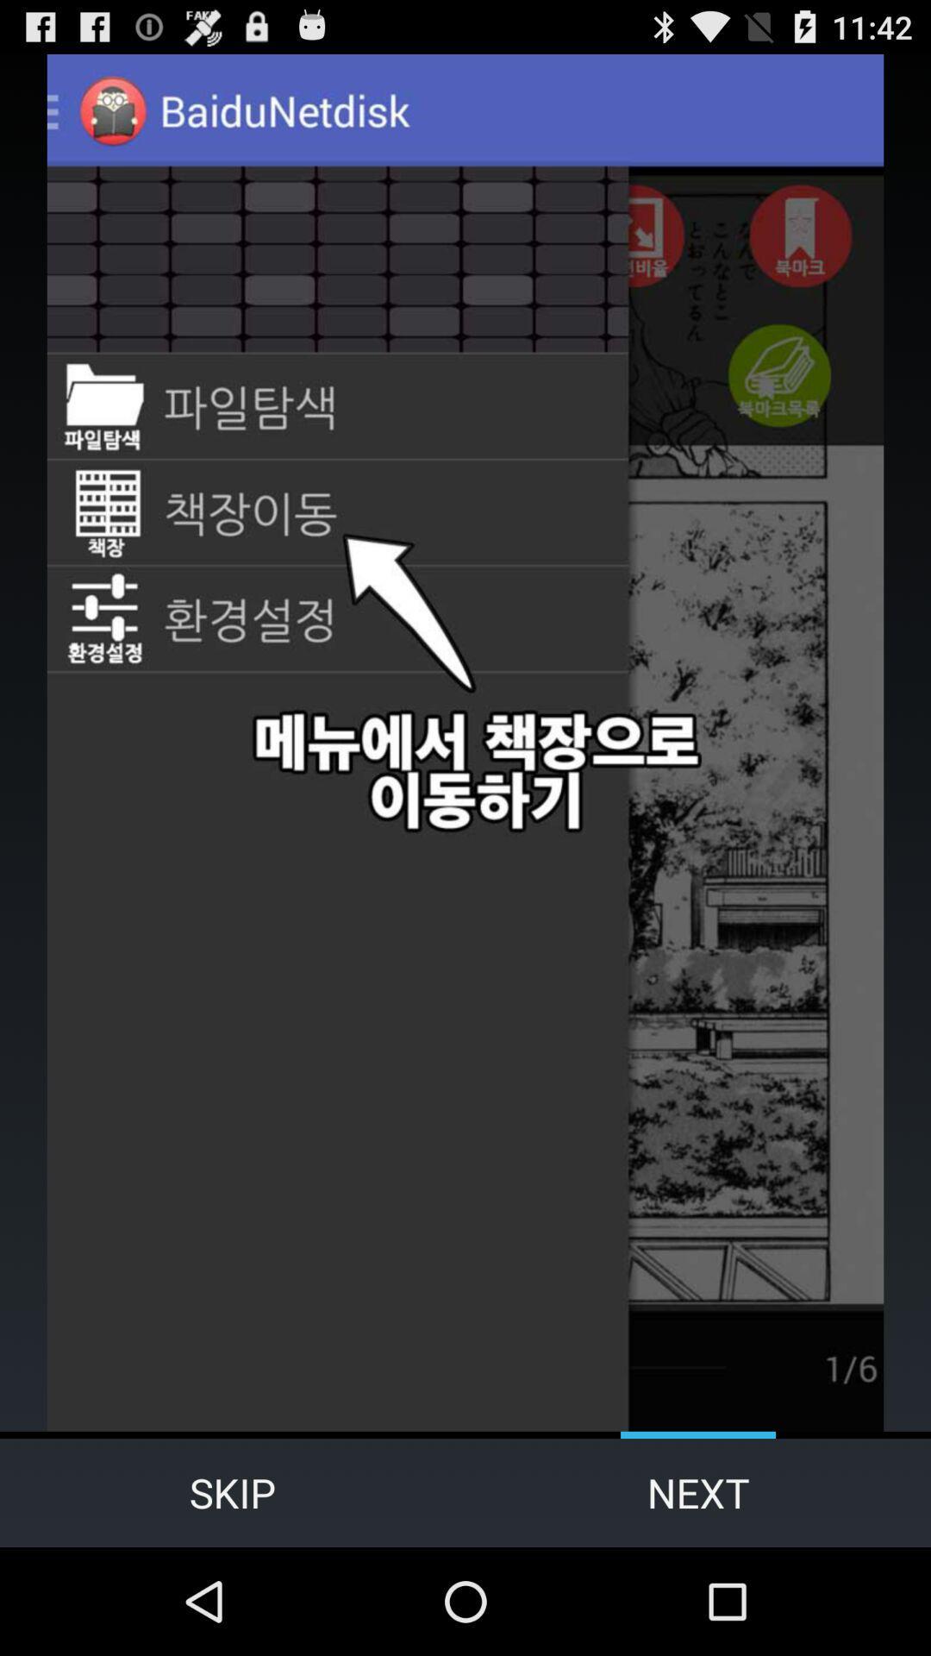 The height and width of the screenshot is (1656, 931). What do you see at coordinates (698, 1492) in the screenshot?
I see `next button` at bounding box center [698, 1492].